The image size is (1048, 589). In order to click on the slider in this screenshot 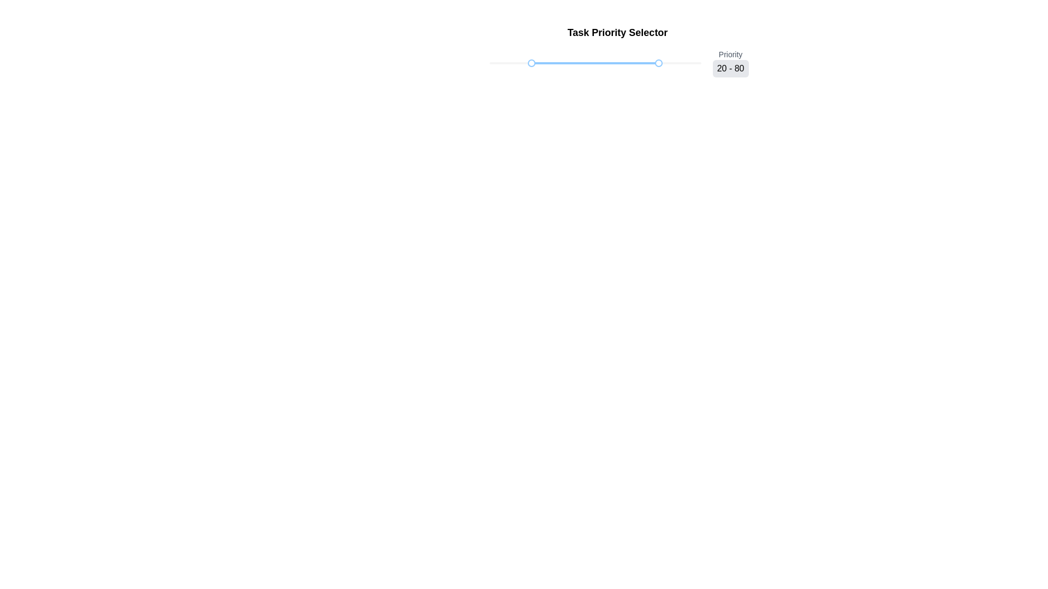, I will do `click(508, 63)`.